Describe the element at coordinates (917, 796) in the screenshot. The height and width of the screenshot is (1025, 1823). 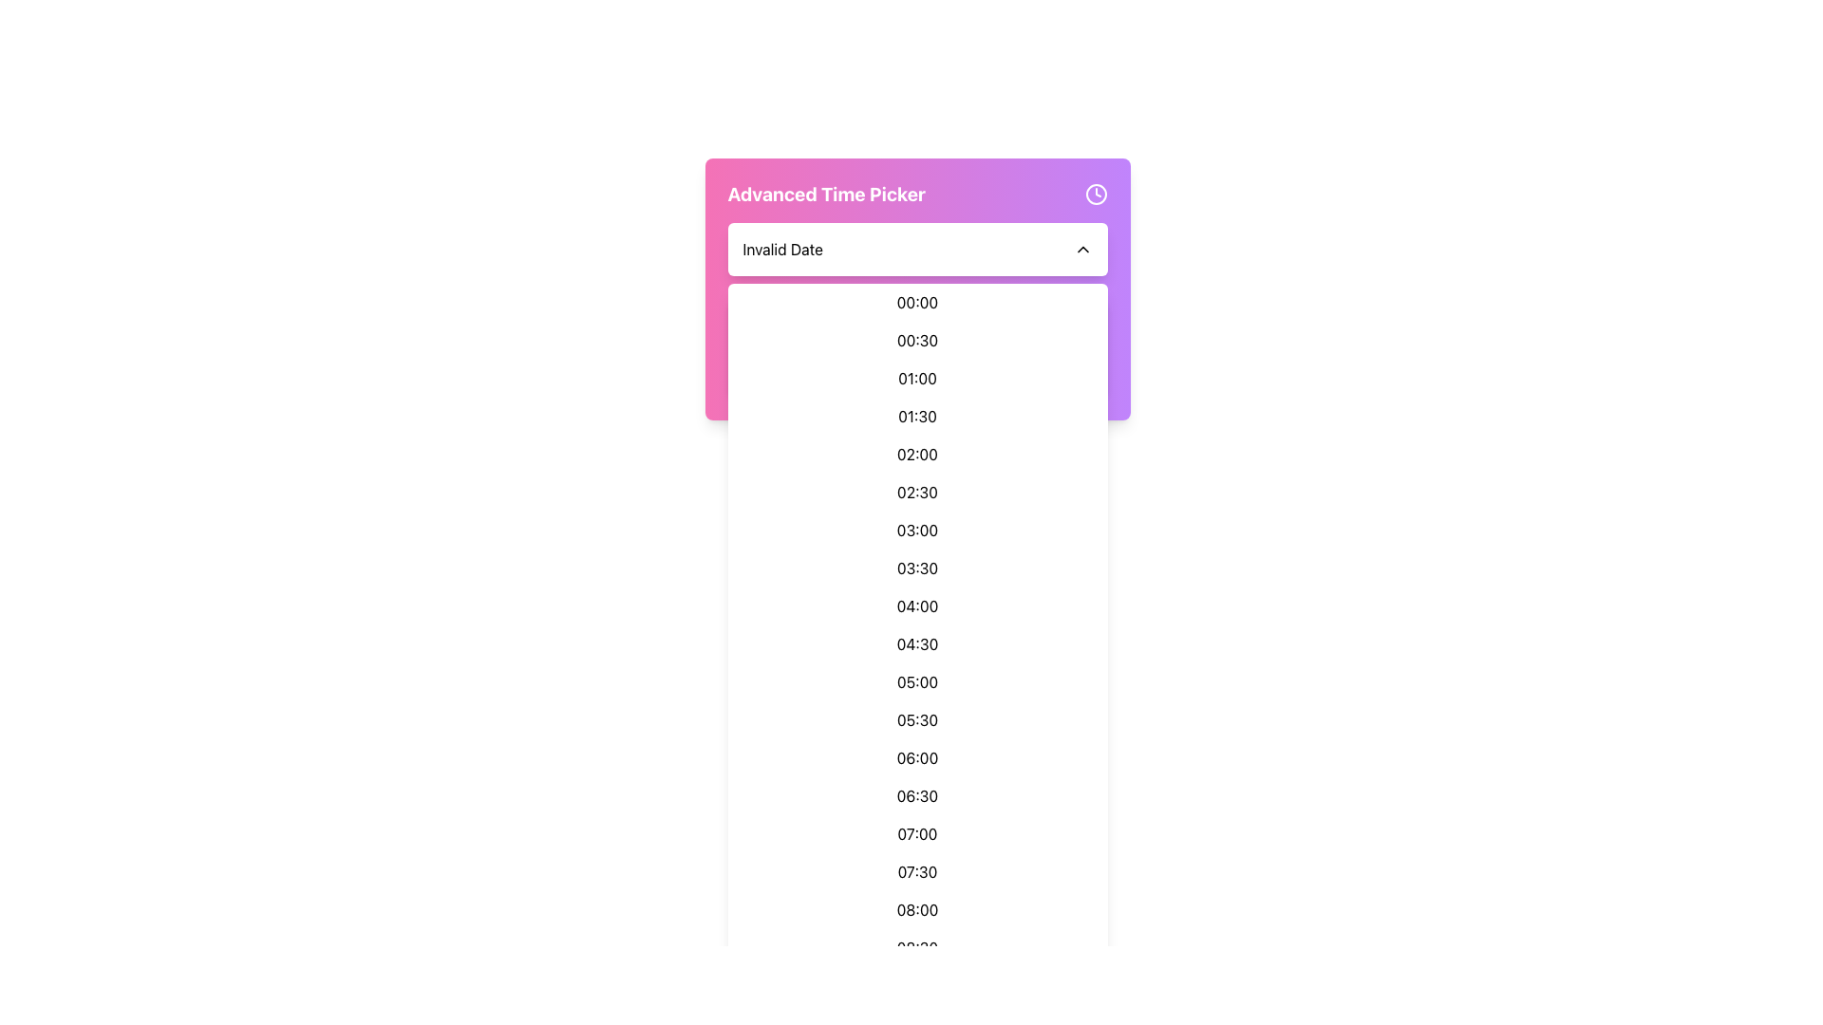
I see `the selectable time option '06:30' in the Advanced Time Picker dropdown menu` at that location.